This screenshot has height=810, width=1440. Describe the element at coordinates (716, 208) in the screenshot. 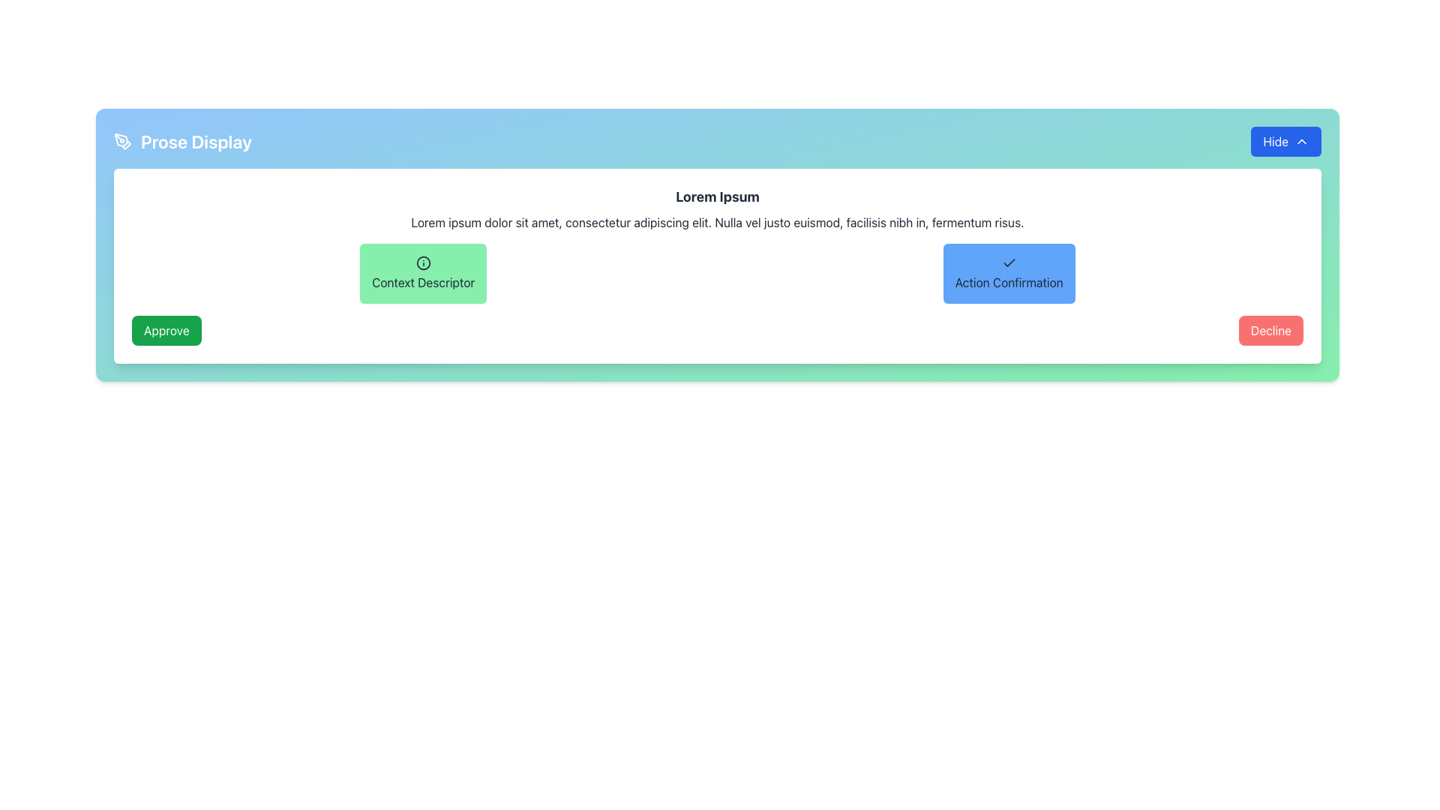

I see `text displayed in the Text Display element, which contains a bold headline 'Lorem Ipsum' and a body paragraph starting with 'Lorem ipsum dolor sit amet'` at that location.